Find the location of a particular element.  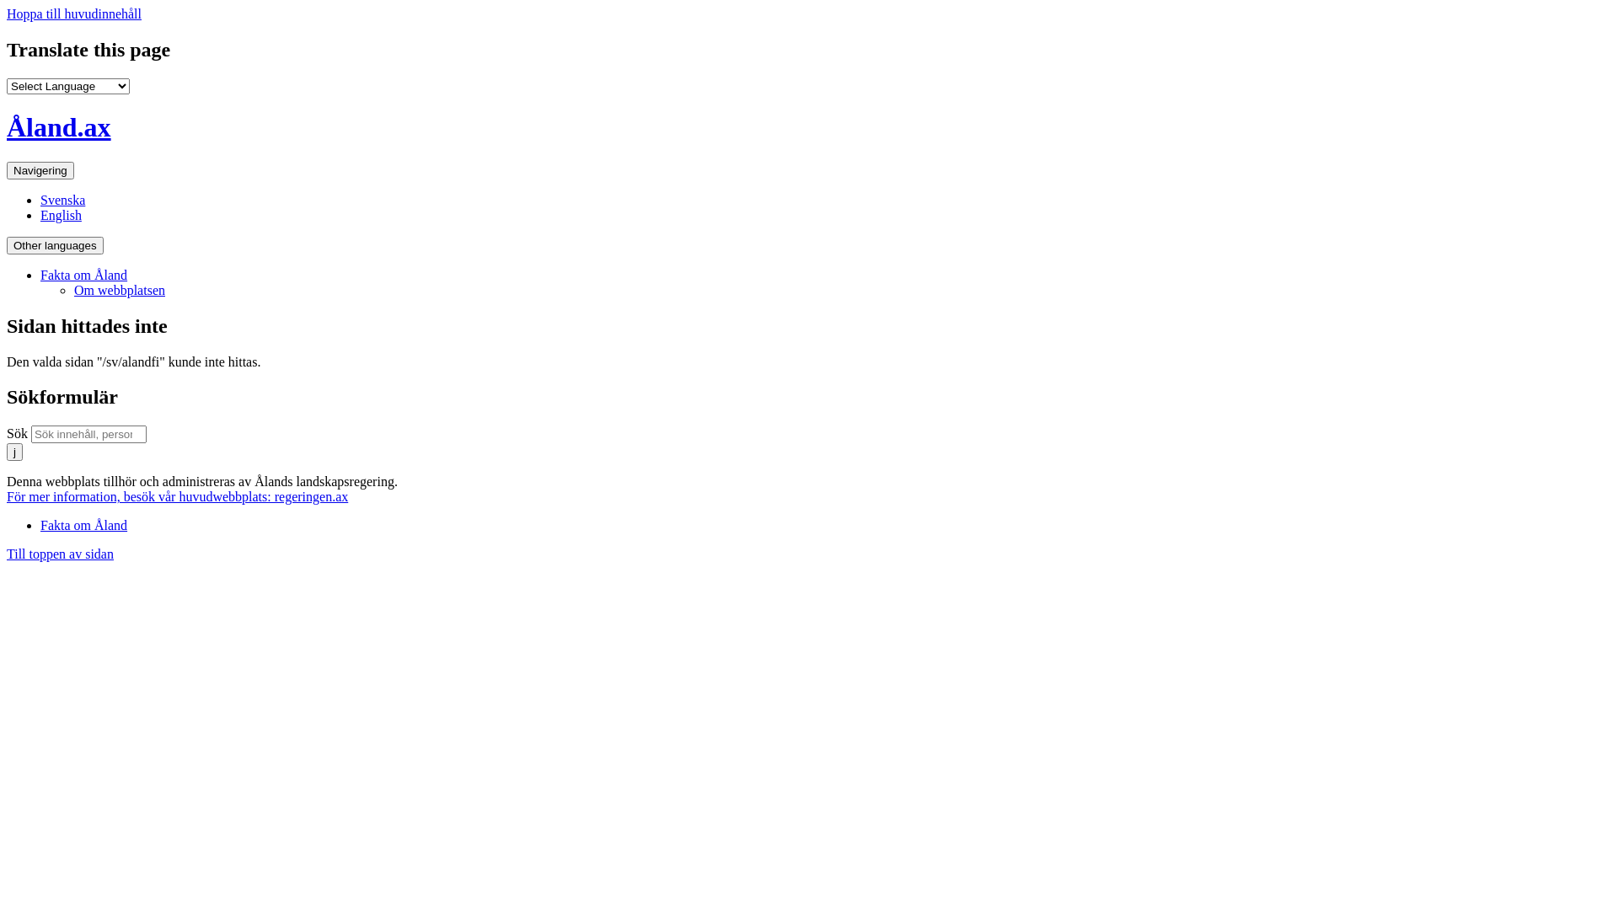

'Om webbplatsen' is located at coordinates (119, 289).